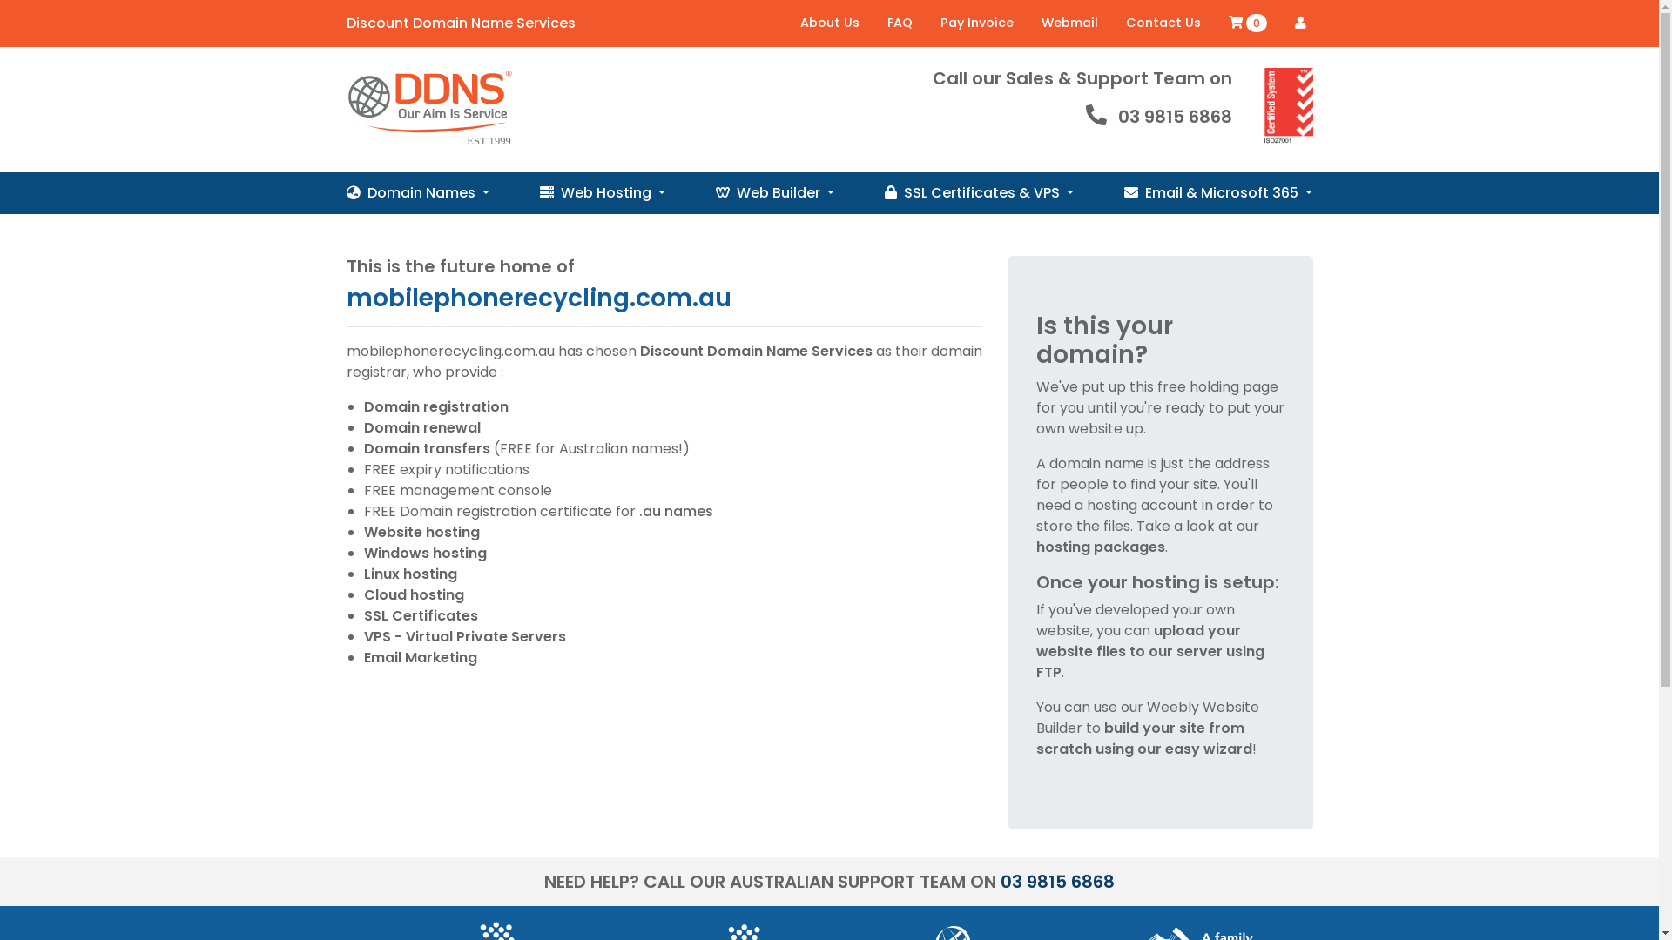 The height and width of the screenshot is (940, 1672). Describe the element at coordinates (409, 574) in the screenshot. I see `'Linux hosting'` at that location.